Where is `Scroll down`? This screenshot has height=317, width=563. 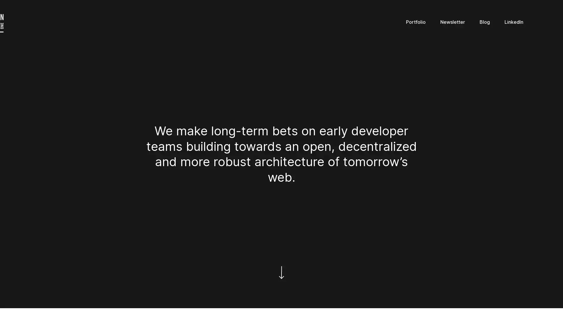 Scroll down is located at coordinates (281, 272).